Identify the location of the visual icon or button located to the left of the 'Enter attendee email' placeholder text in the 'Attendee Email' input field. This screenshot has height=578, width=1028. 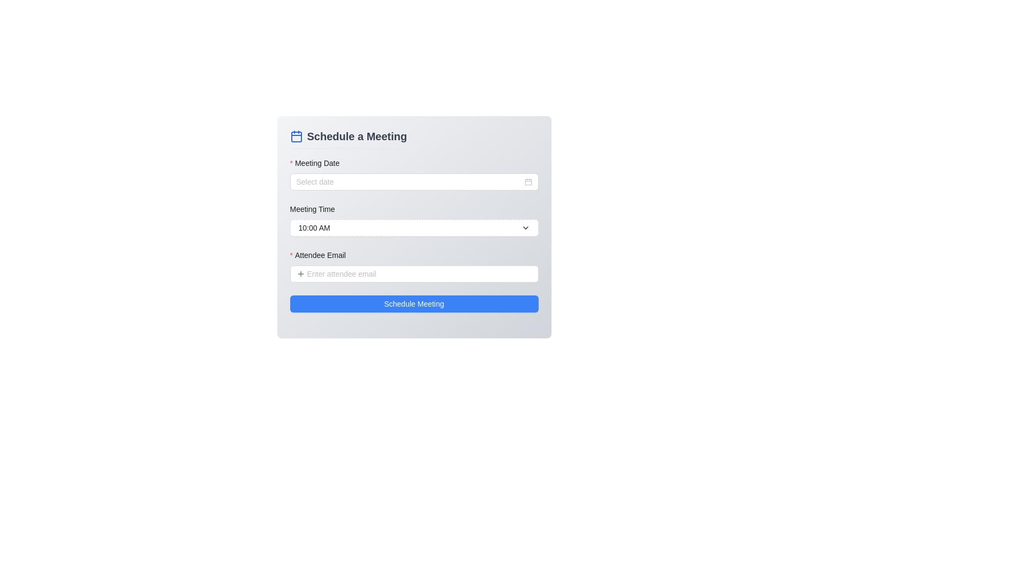
(300, 273).